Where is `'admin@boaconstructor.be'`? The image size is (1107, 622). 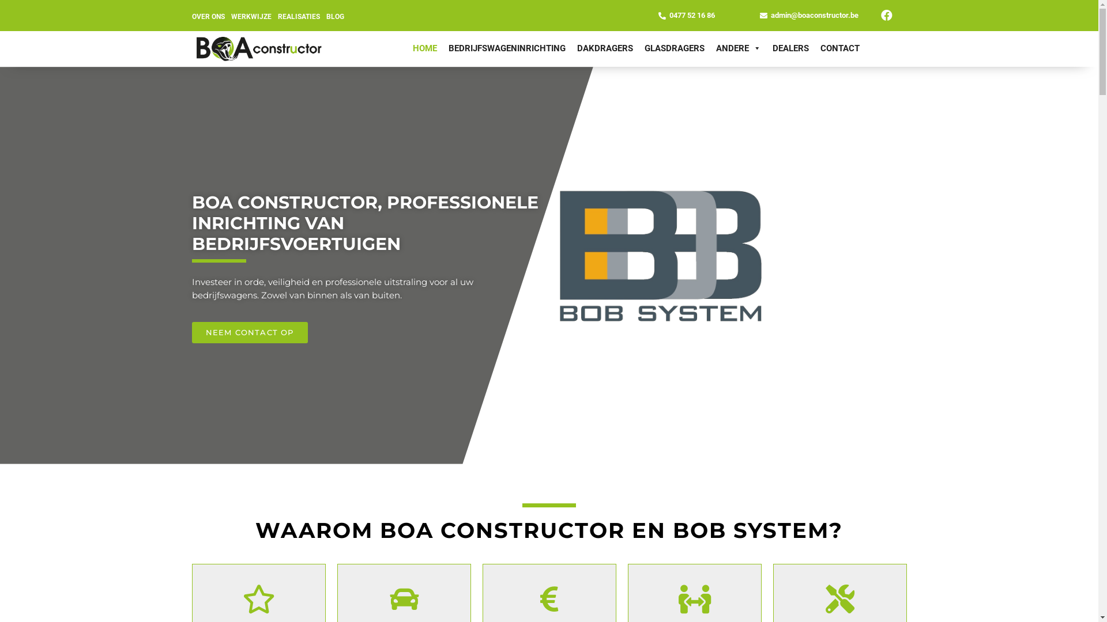 'admin@boaconstructor.be' is located at coordinates (814, 15).